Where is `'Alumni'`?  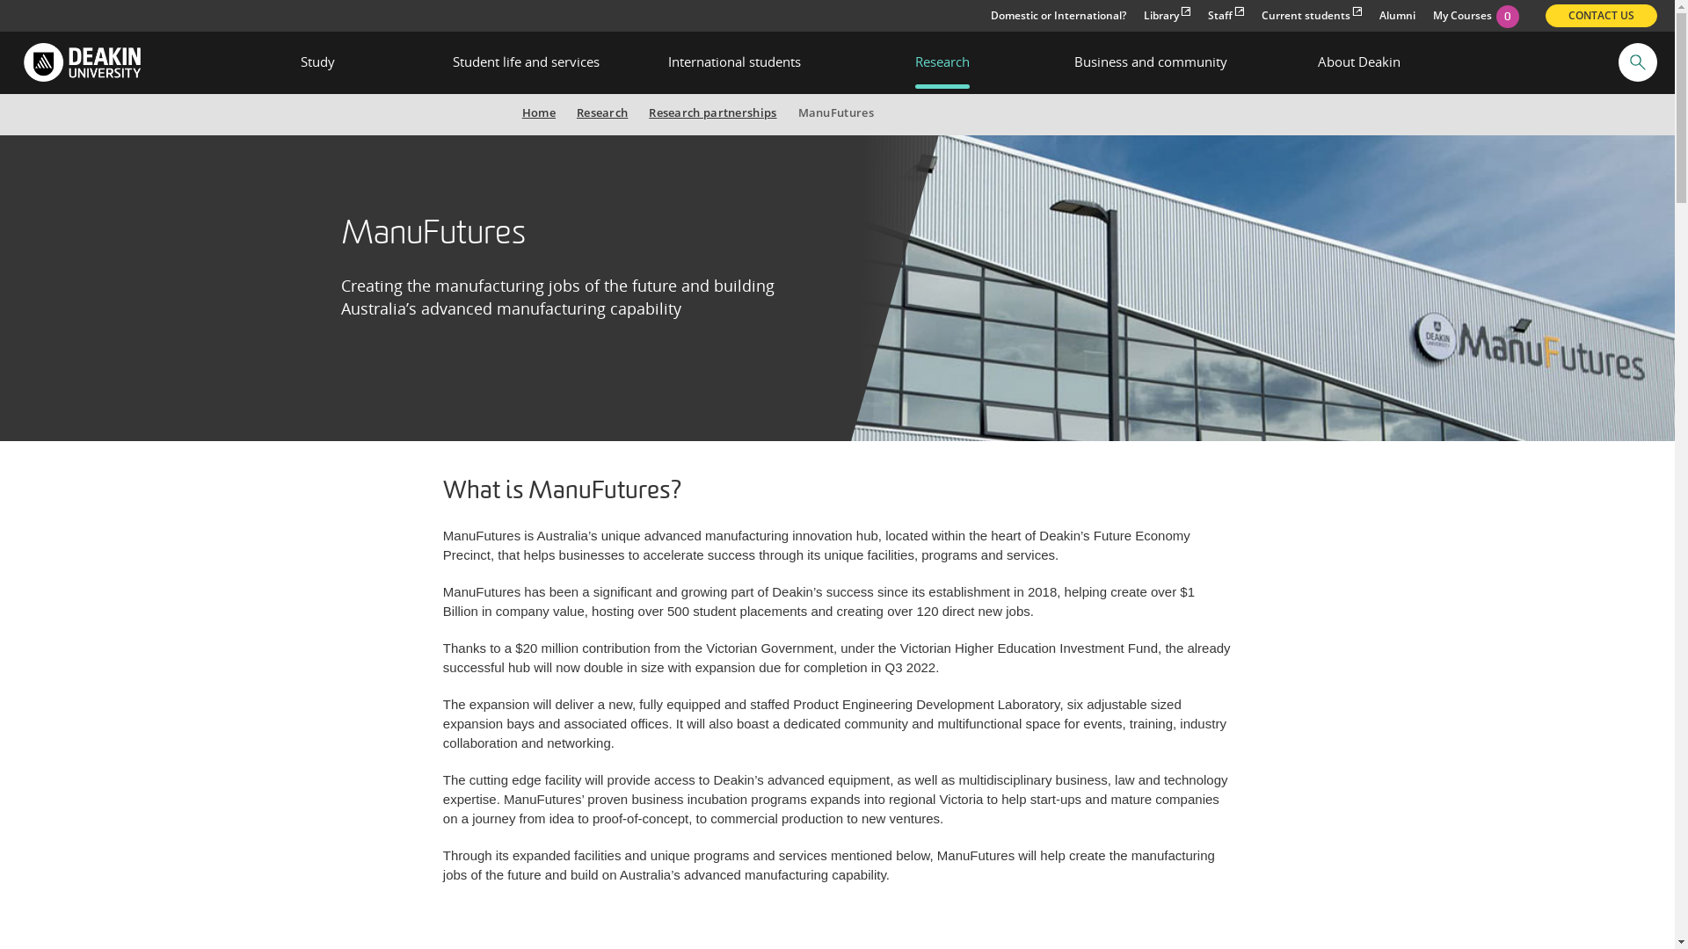 'Alumni' is located at coordinates (1396, 16).